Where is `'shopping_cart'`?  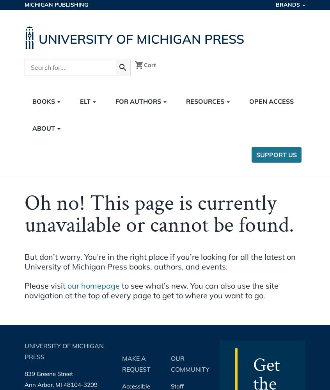
'shopping_cart' is located at coordinates (138, 65).